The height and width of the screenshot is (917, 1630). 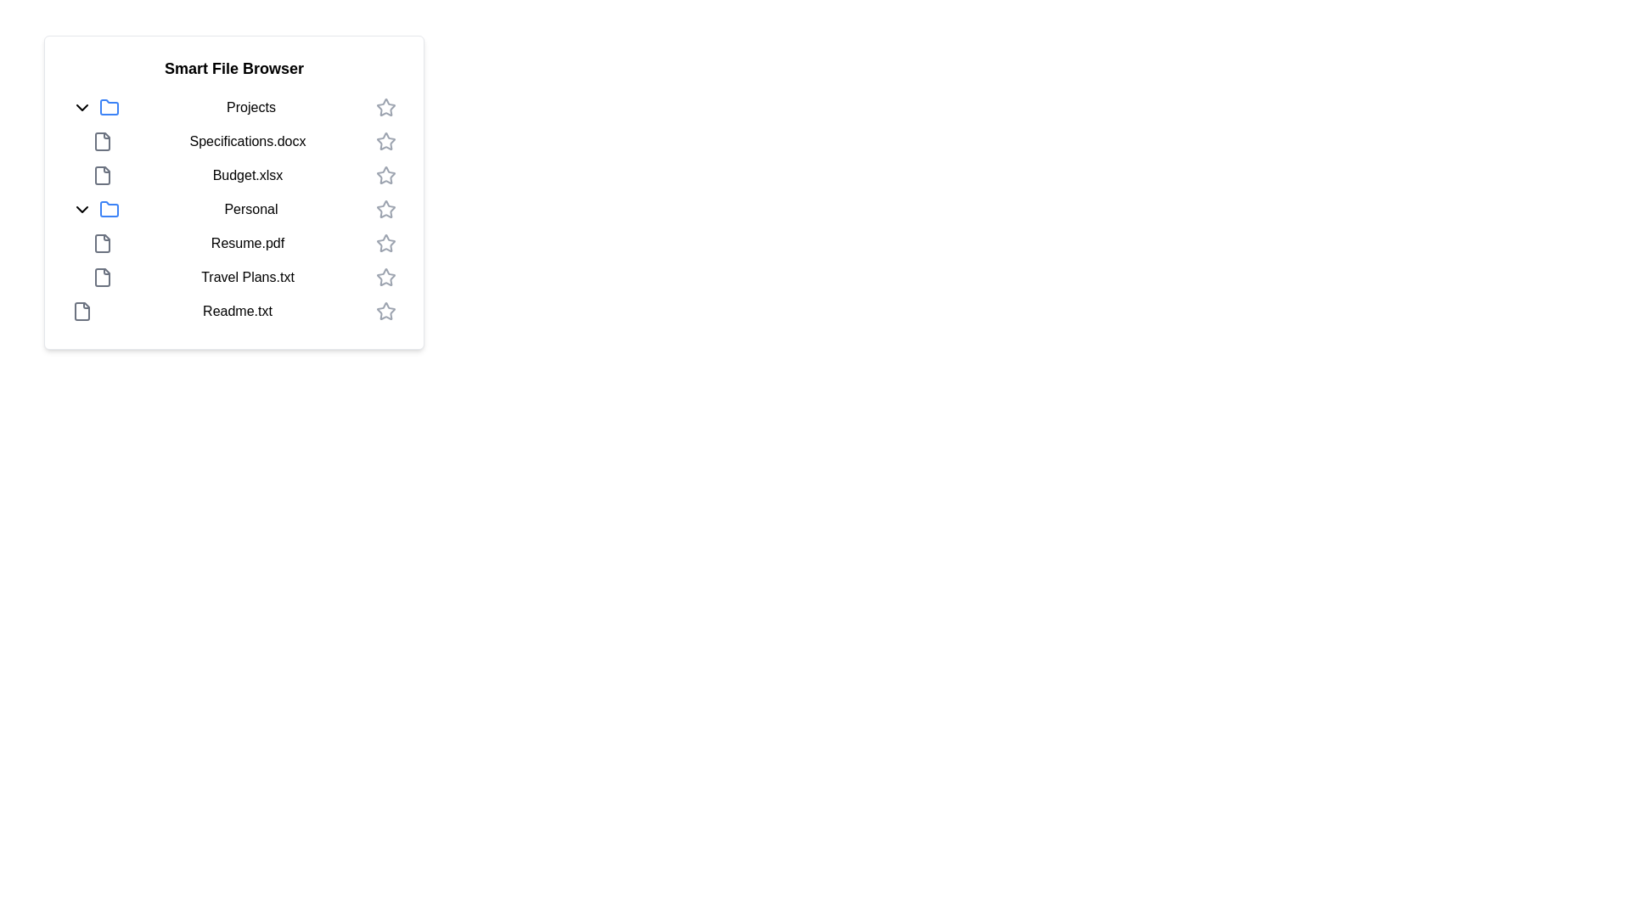 What do you see at coordinates (244, 140) in the screenshot?
I see `the text label representing the document file named 'Specifications.docx'` at bounding box center [244, 140].